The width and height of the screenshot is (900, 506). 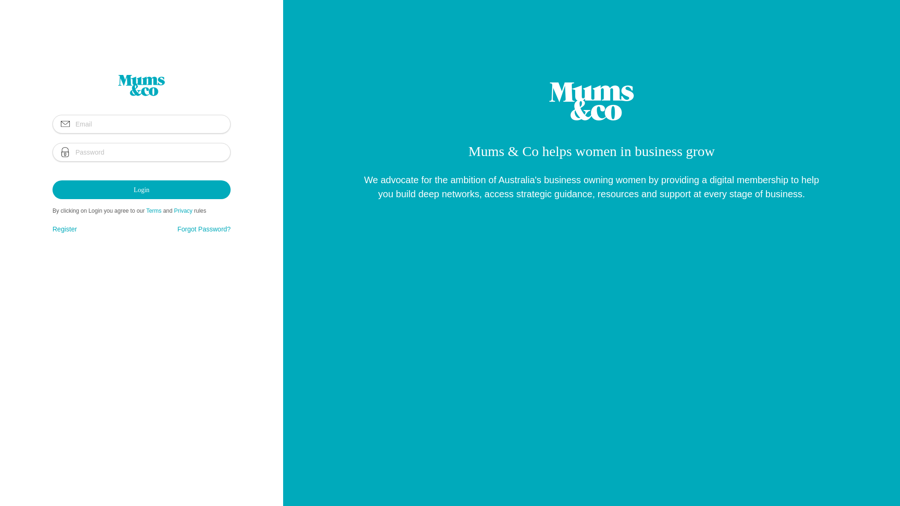 What do you see at coordinates (204, 229) in the screenshot?
I see `'Forgot Password?'` at bounding box center [204, 229].